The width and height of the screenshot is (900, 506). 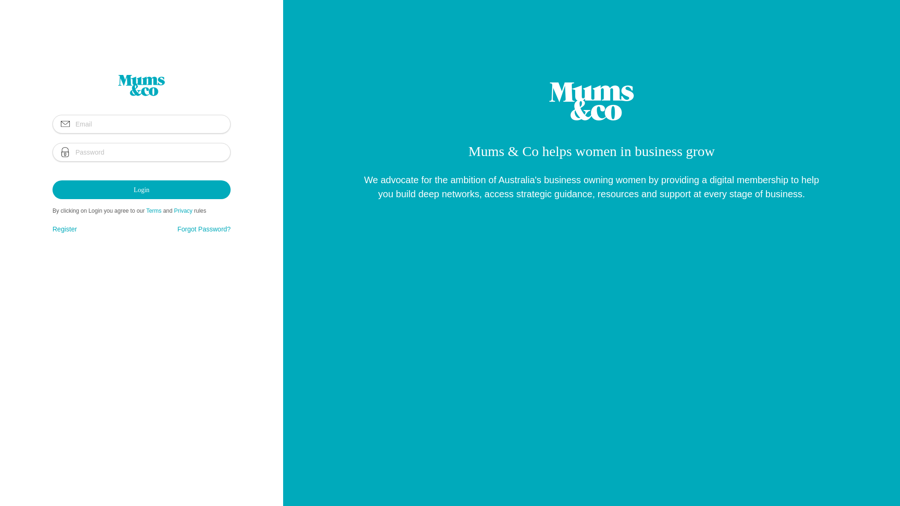 What do you see at coordinates (204, 229) in the screenshot?
I see `'Forgot Password?'` at bounding box center [204, 229].